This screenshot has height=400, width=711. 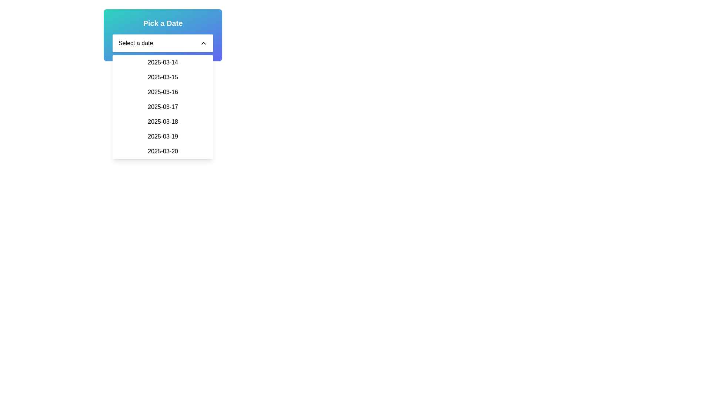 I want to click on the list item displaying the date '2025-03-17', so click(x=163, y=107).